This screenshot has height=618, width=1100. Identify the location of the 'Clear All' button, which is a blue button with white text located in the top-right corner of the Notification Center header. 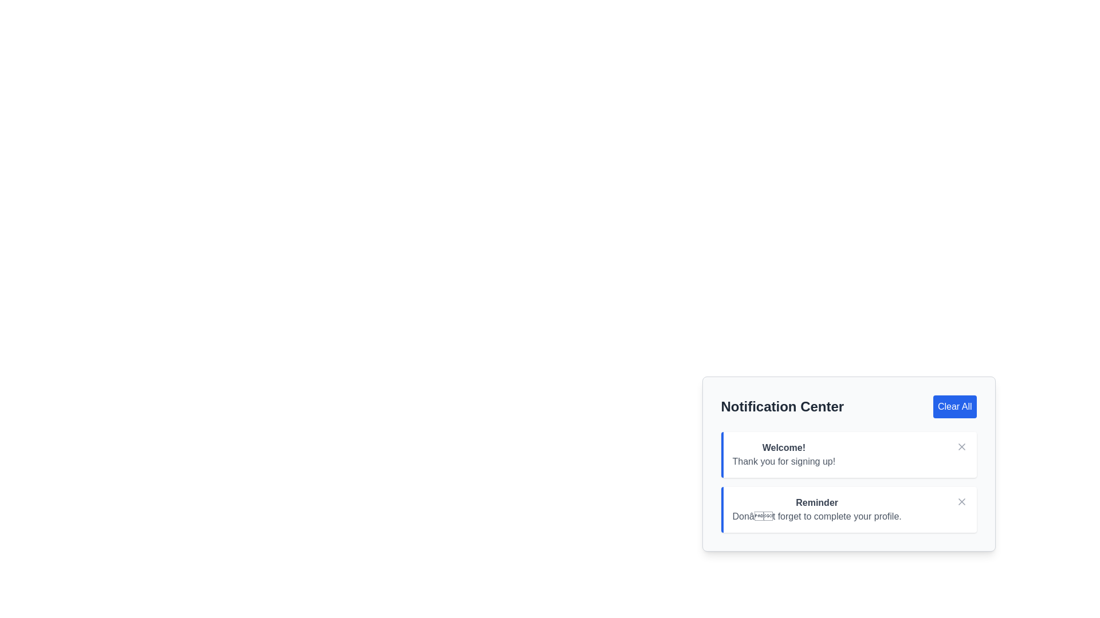
(954, 406).